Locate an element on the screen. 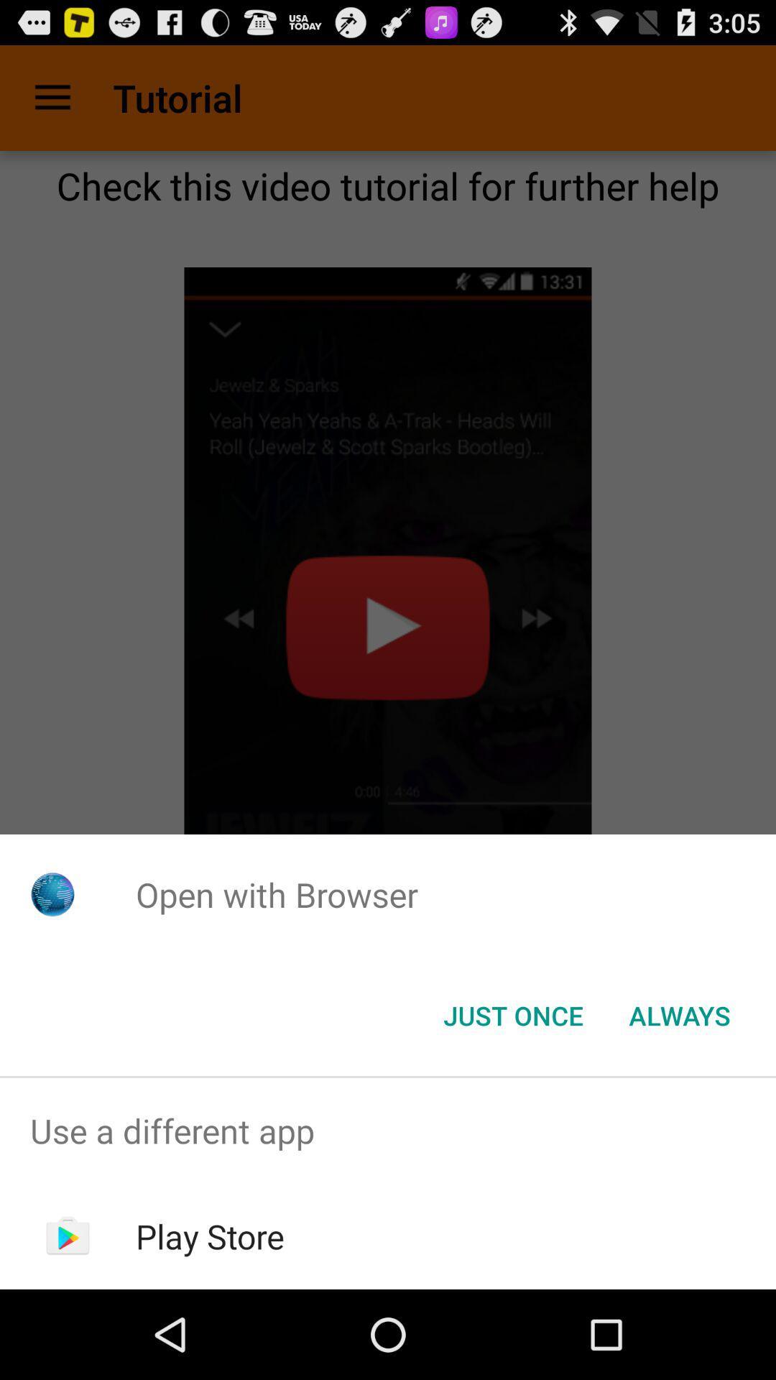  use a different is located at coordinates (388, 1130).